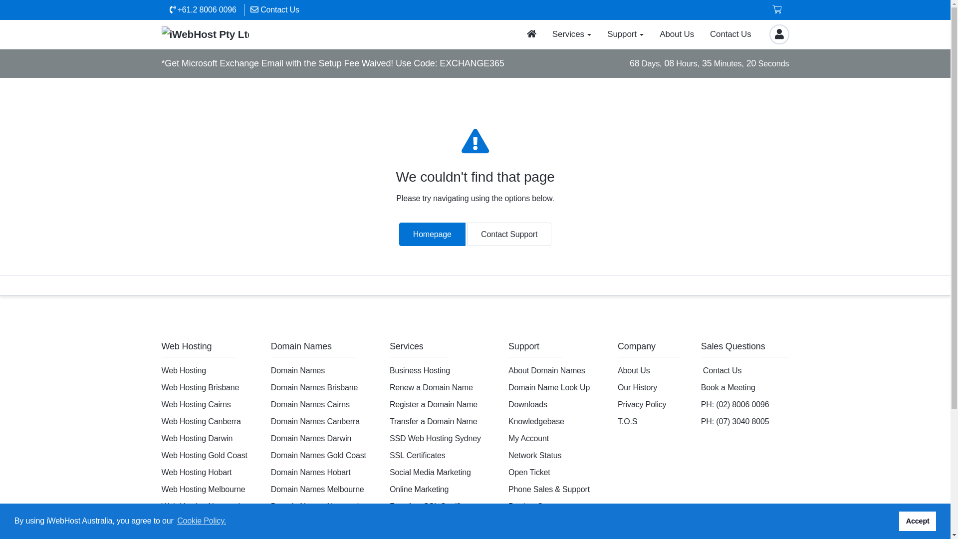  I want to click on 'Web Hosting Hobart', so click(197, 472).